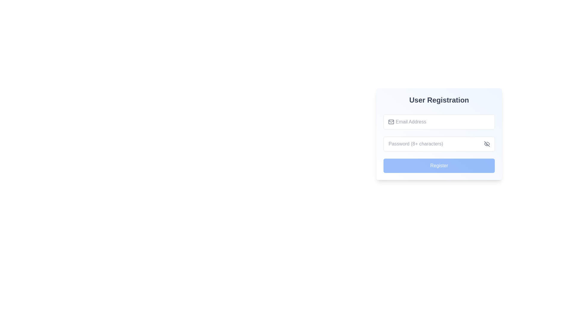 The height and width of the screenshot is (322, 573). Describe the element at coordinates (391, 121) in the screenshot. I see `the small grayscale mail icon resembling an envelope located to the left of the email input field in the User Registration form` at that location.